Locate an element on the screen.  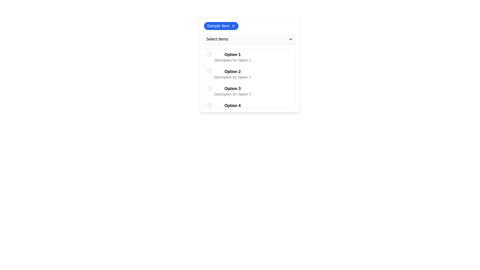
the selectable list item labeled 'Option 3' is located at coordinates (232, 91).